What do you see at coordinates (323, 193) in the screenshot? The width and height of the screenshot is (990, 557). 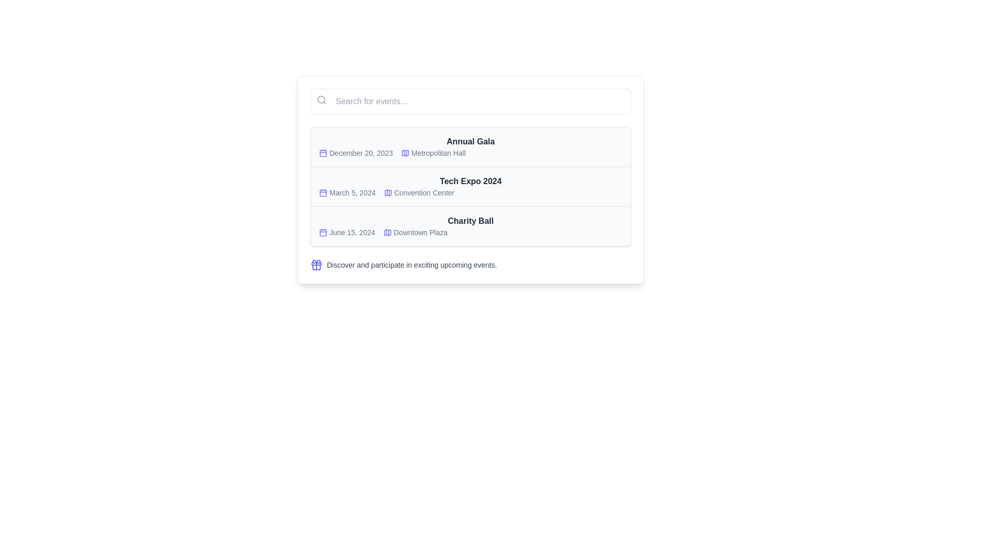 I see `the calendar icon located to the left of the text 'March 5, 2024' in the second list item of the event listing display` at bounding box center [323, 193].